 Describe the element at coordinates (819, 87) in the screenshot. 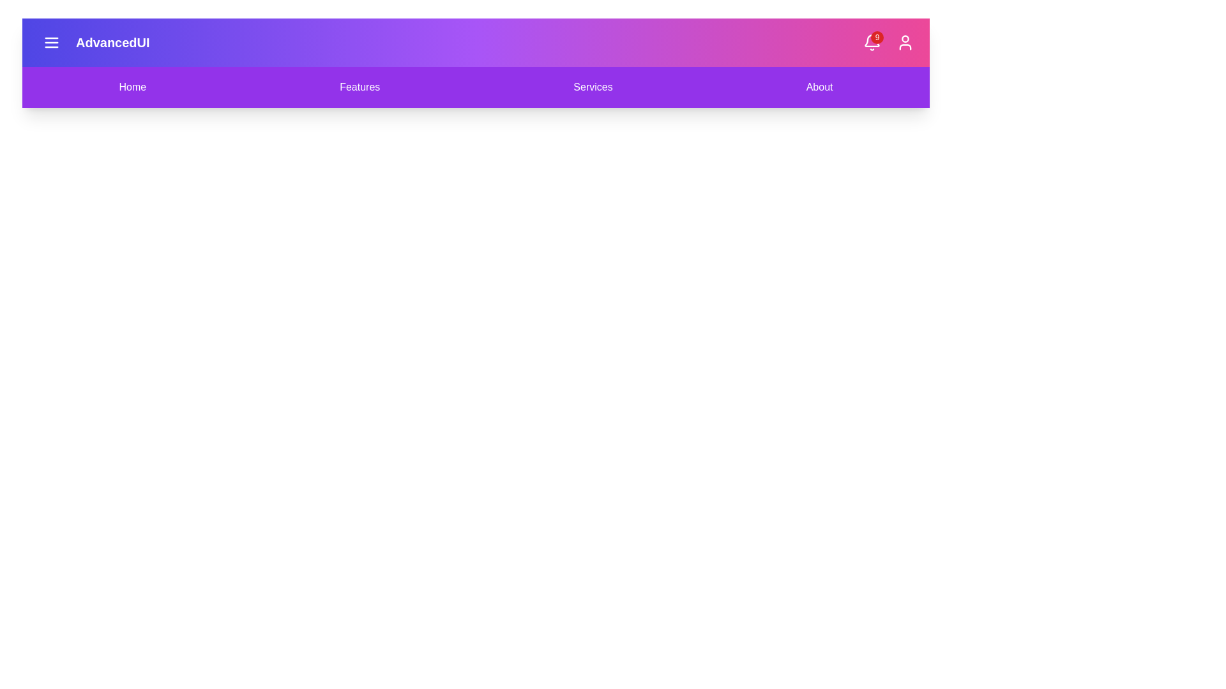

I see `the About navigation menu item` at that location.